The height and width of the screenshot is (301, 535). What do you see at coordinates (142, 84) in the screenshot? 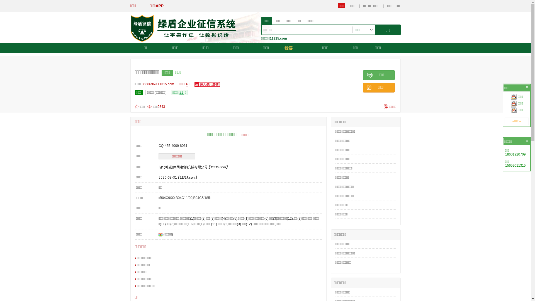
I see `'35586969.11315.com'` at bounding box center [142, 84].